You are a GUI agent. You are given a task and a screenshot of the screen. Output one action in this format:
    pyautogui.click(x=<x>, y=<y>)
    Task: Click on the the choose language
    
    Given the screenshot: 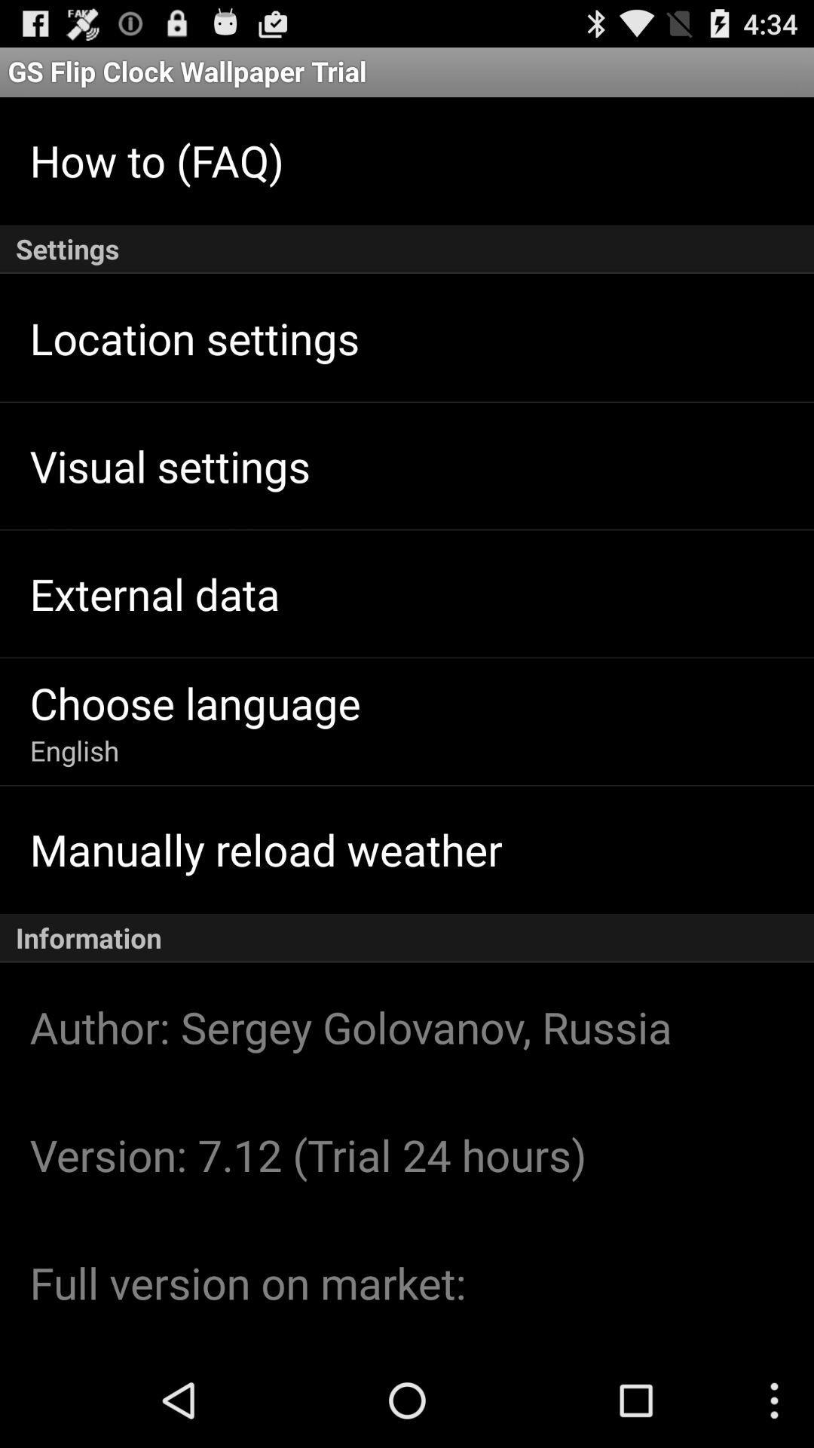 What is the action you would take?
    pyautogui.click(x=194, y=701)
    